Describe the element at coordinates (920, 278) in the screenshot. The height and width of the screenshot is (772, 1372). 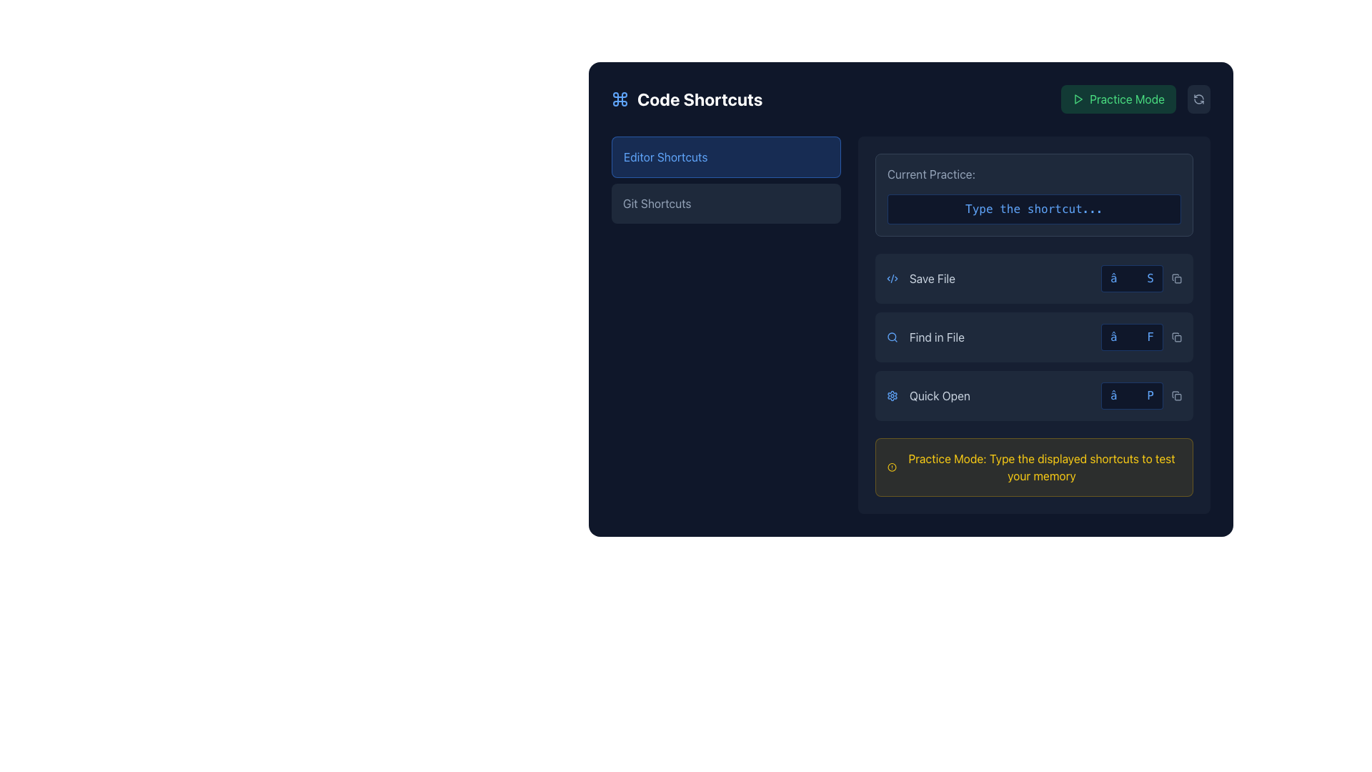
I see `the 'Save File' shortcut option represented by the Label with icon, located between 'Current Practice' and 'Find in File'` at that location.